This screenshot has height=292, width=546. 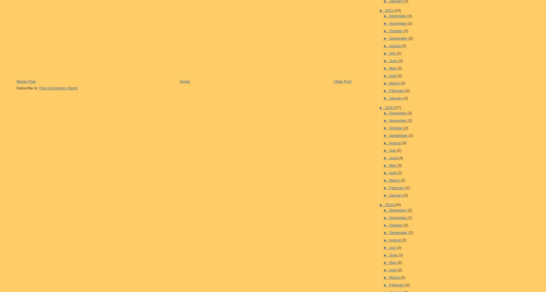 I want to click on 'Older Post', so click(x=342, y=81).